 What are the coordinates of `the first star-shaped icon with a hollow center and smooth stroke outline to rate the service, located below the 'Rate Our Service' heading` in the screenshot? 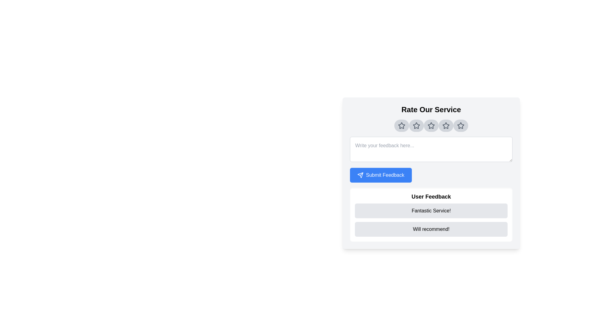 It's located at (402, 125).